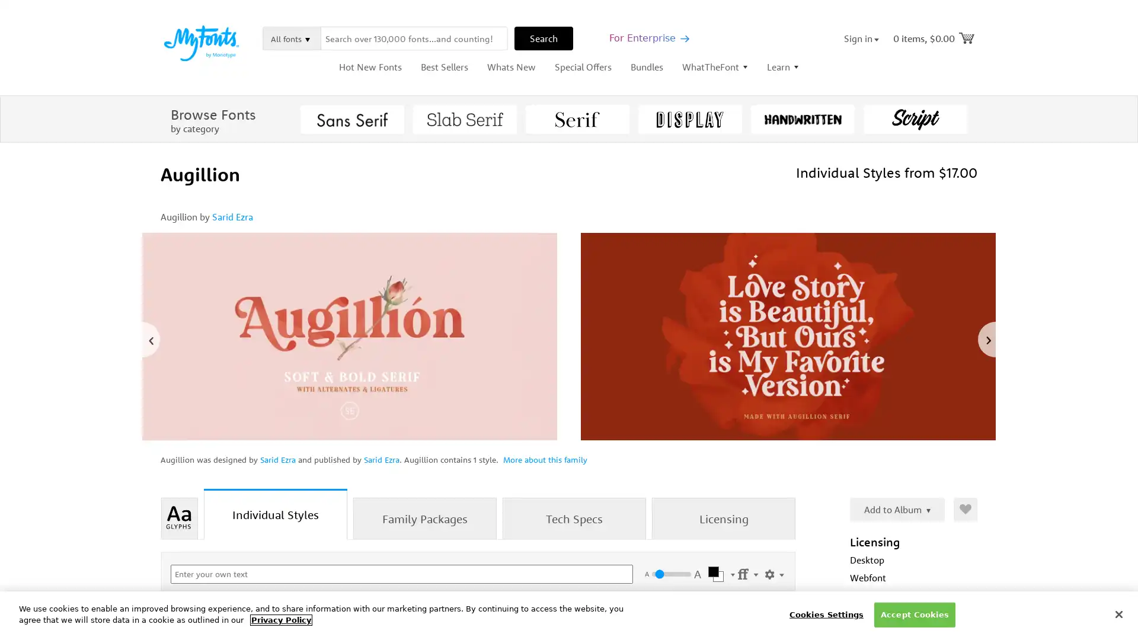 The width and height of the screenshot is (1138, 640). I want to click on Search, so click(543, 38).